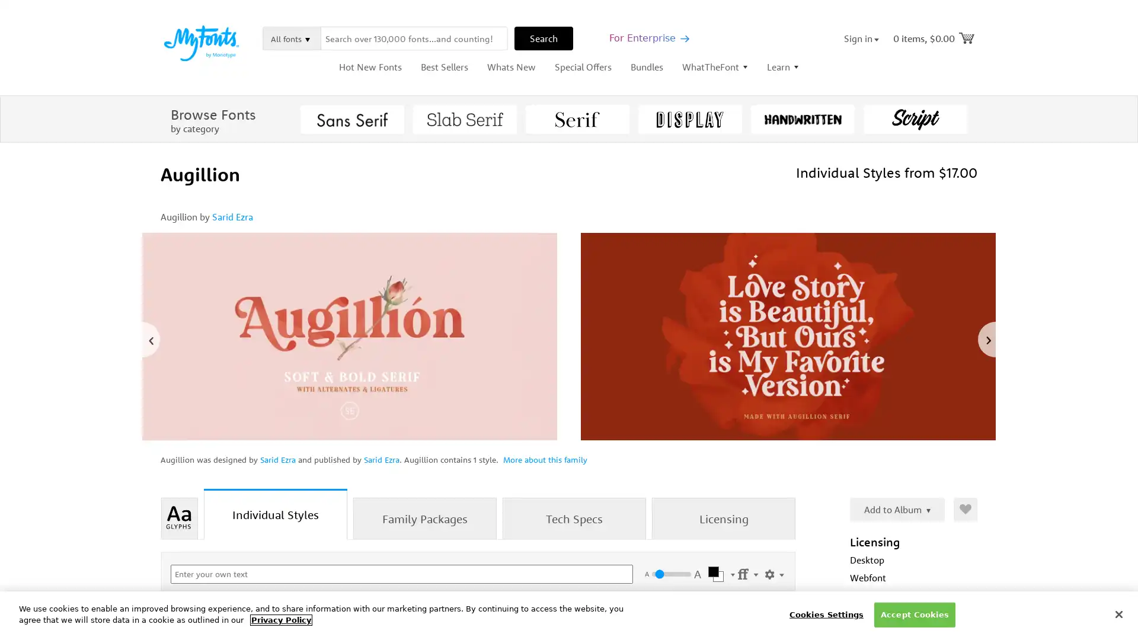 The width and height of the screenshot is (1138, 640). I want to click on Search, so click(543, 38).